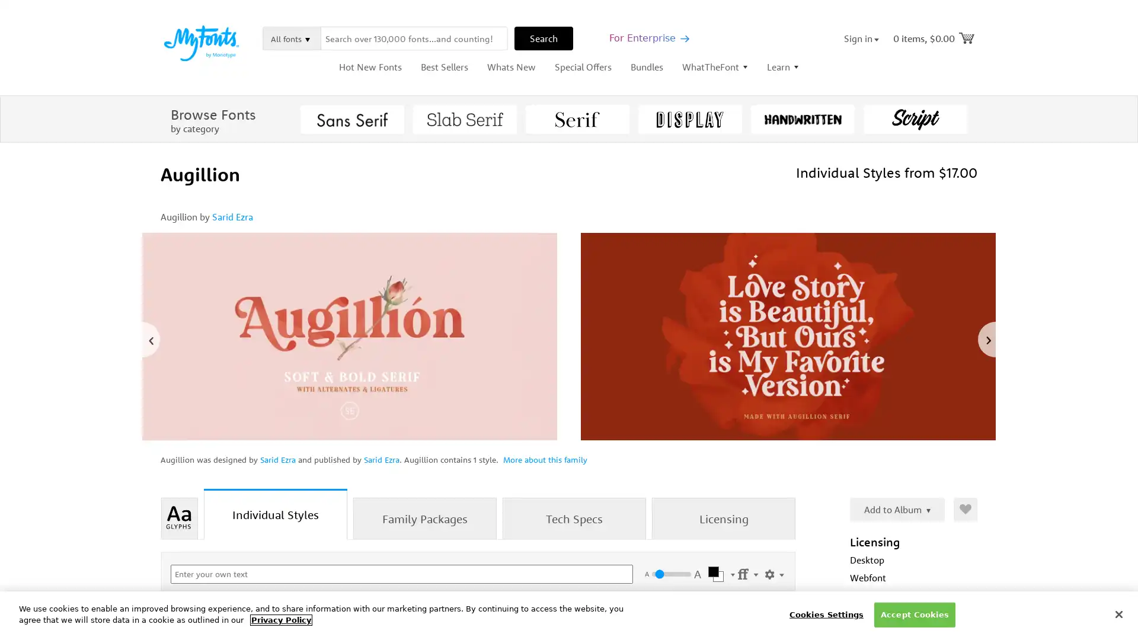 The width and height of the screenshot is (1138, 640). I want to click on Search, so click(543, 38).